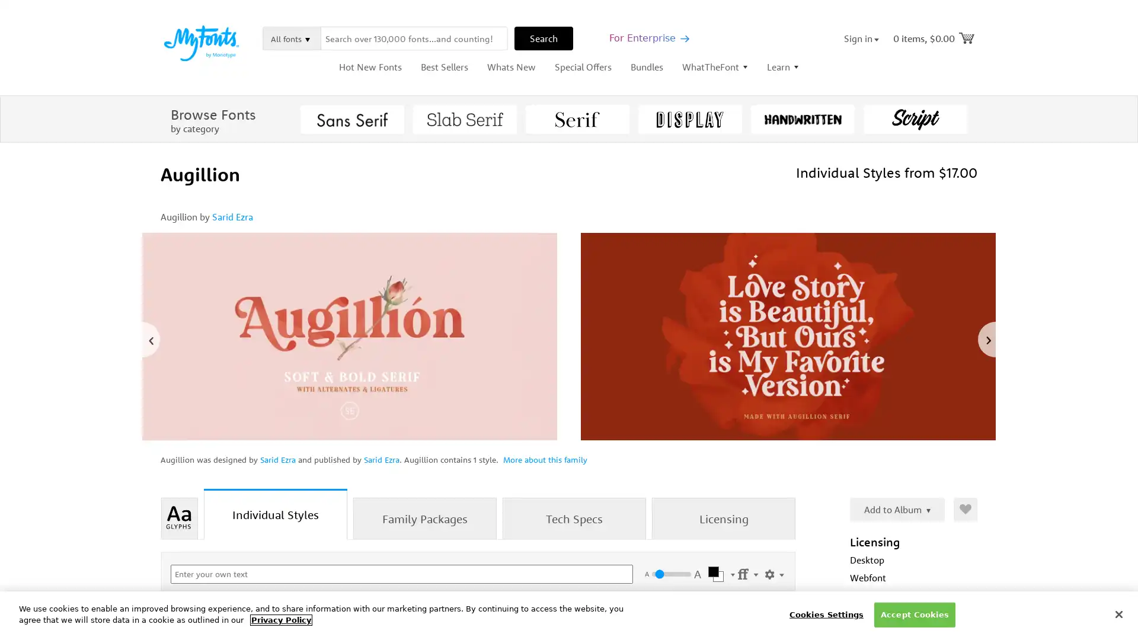 The width and height of the screenshot is (1138, 640). I want to click on Search, so click(543, 38).